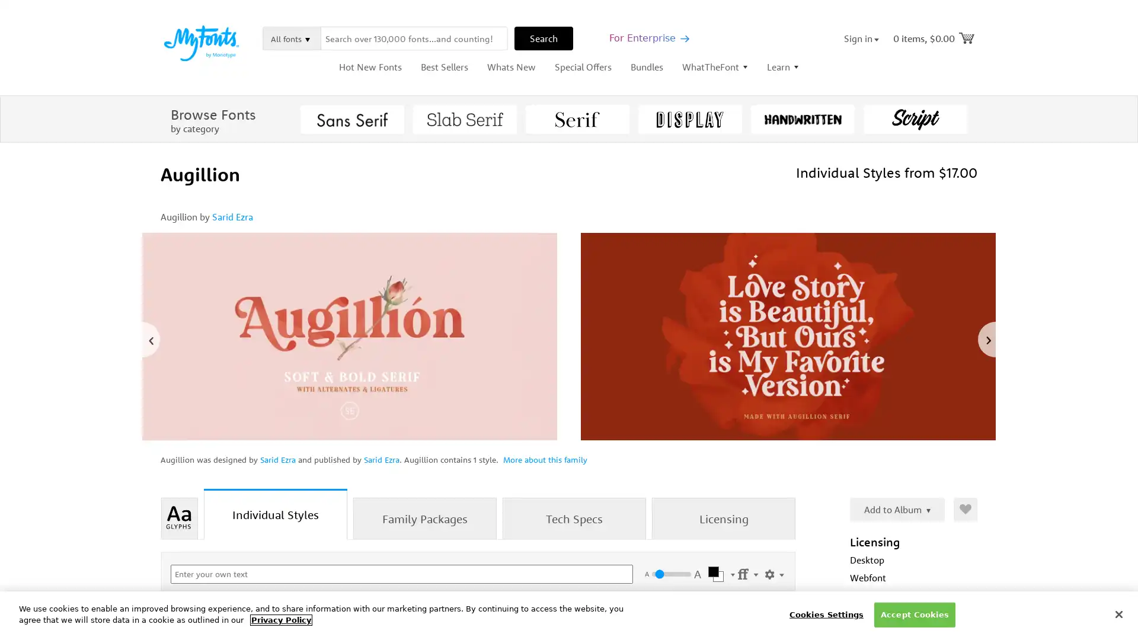 The width and height of the screenshot is (1138, 640). I want to click on Search, so click(543, 38).